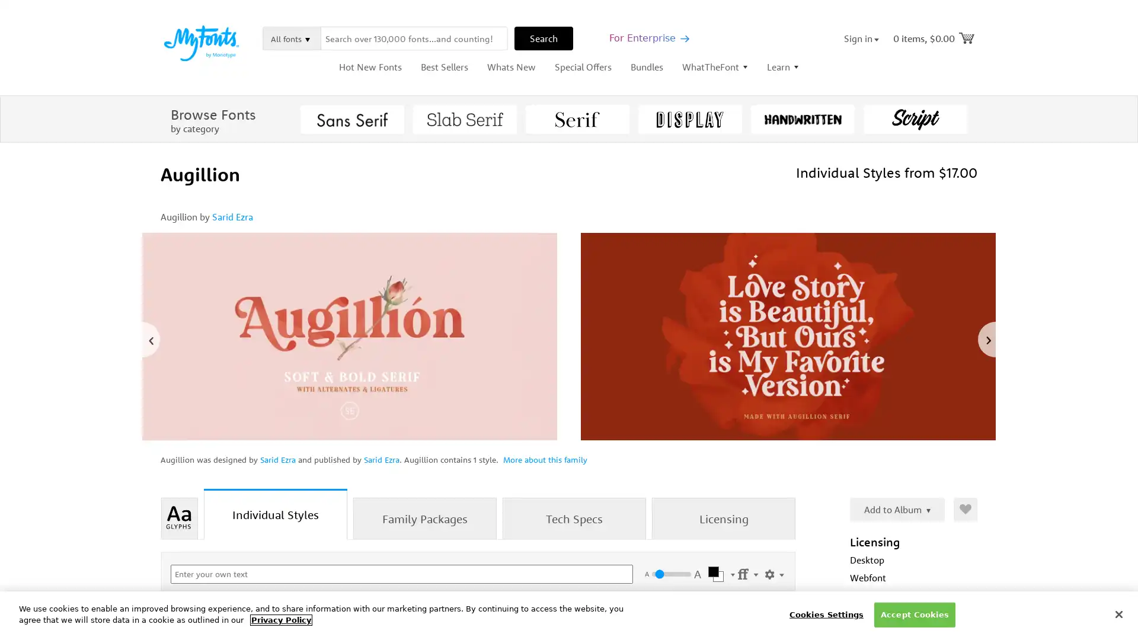 The width and height of the screenshot is (1138, 640). I want to click on Search, so click(543, 38).